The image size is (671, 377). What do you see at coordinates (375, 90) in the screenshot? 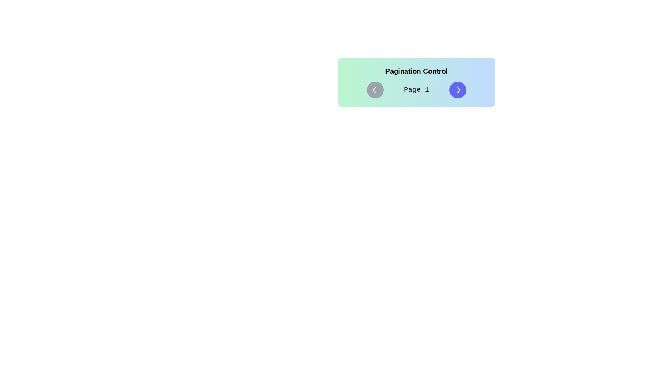
I see `the previous button to check its interactivity` at bounding box center [375, 90].